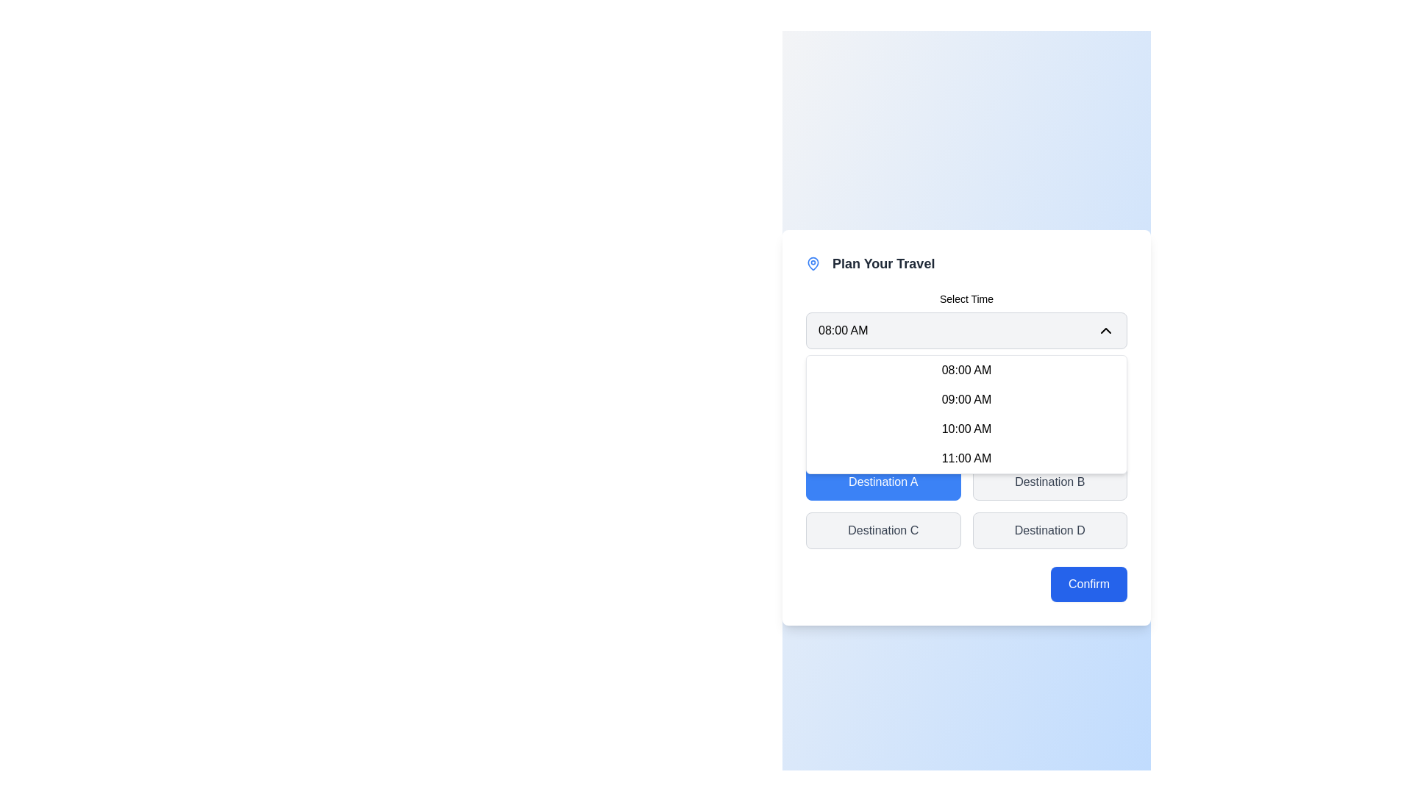 Image resolution: width=1412 pixels, height=794 pixels. I want to click on the '09:00 AM' time option in the dropdown menu, so click(966, 399).